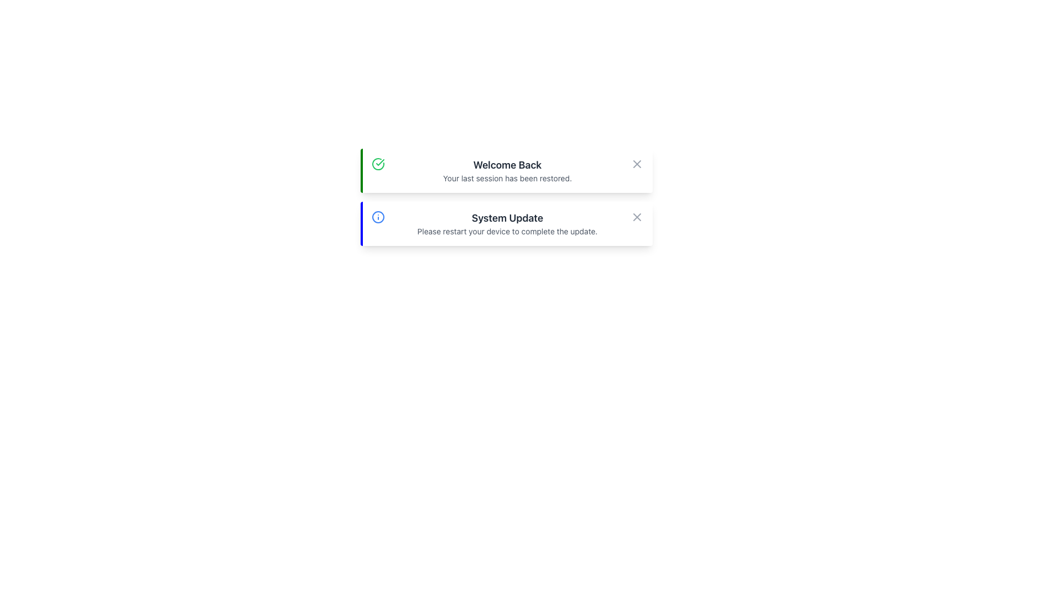 This screenshot has width=1062, height=597. Describe the element at coordinates (507, 178) in the screenshot. I see `the informational message indicating that the last session has been successfully restored, located beneath the 'Welcome Back' heading` at that location.